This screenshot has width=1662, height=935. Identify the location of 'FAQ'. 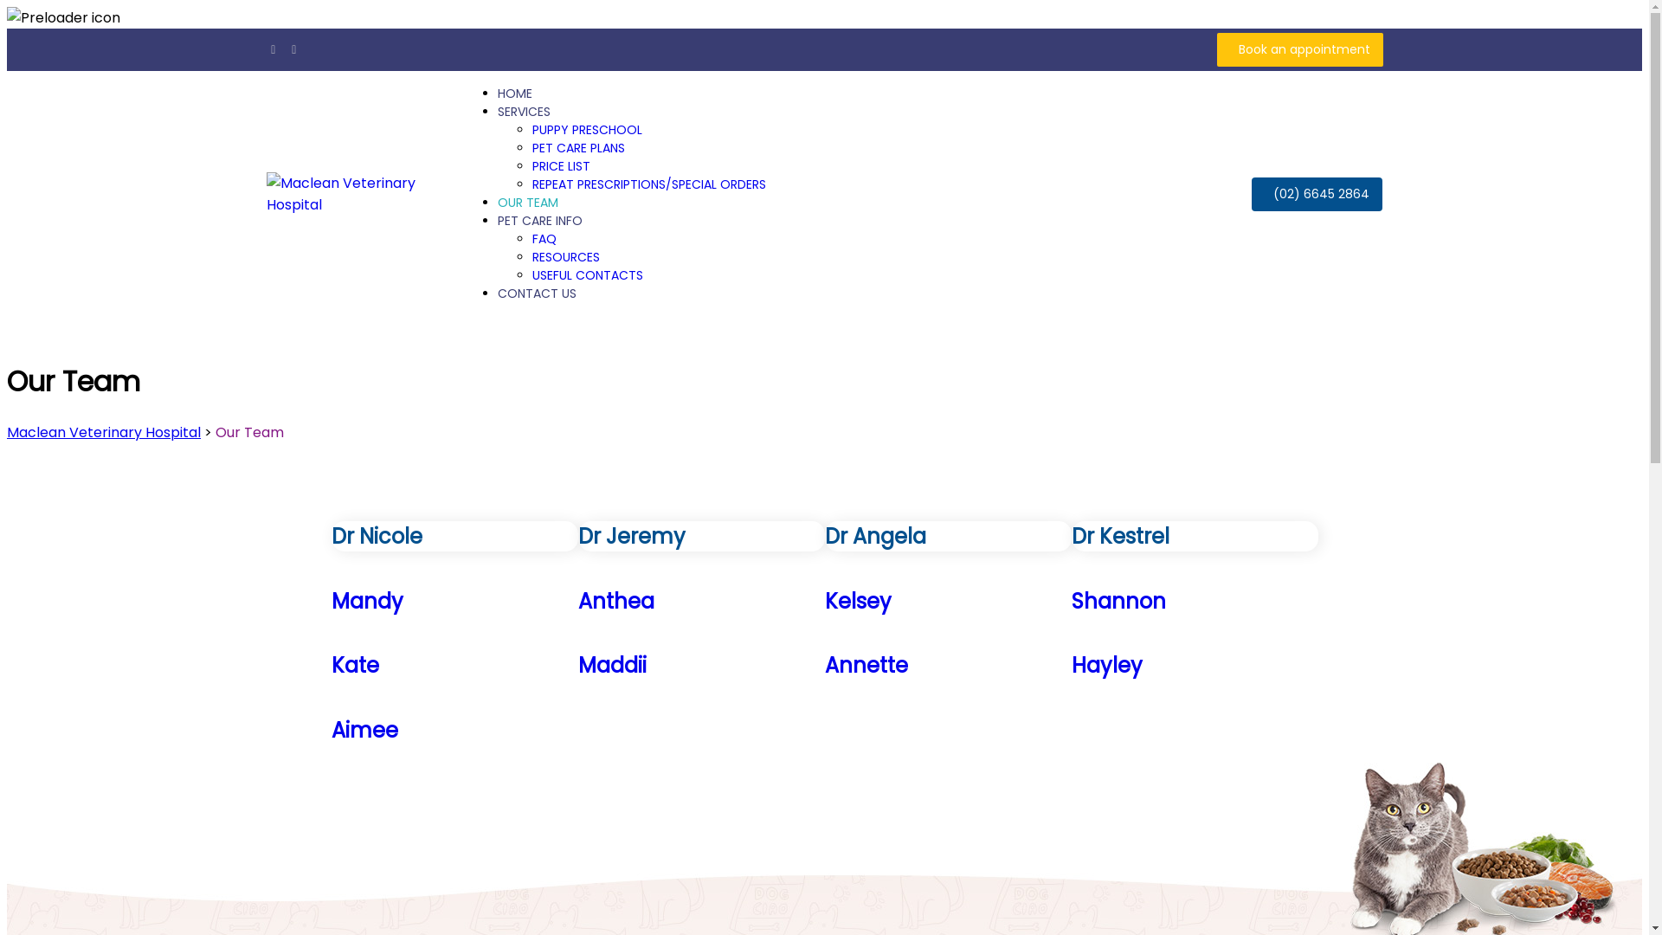
(531, 239).